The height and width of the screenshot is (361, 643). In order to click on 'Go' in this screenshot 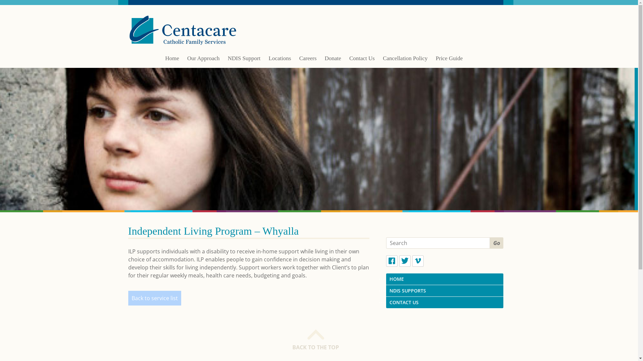, I will do `click(496, 243)`.